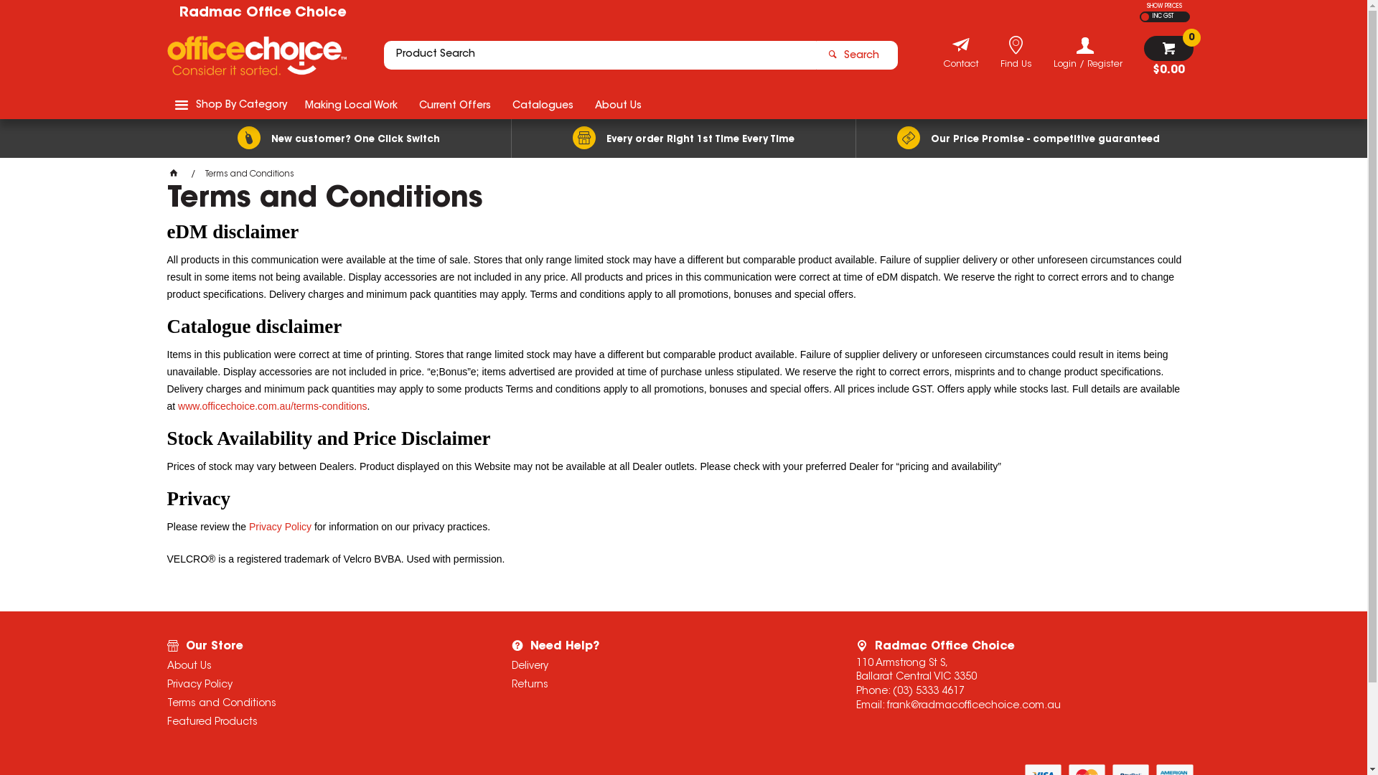  I want to click on 'frank@radmacofficechoice.com.au', so click(974, 705).